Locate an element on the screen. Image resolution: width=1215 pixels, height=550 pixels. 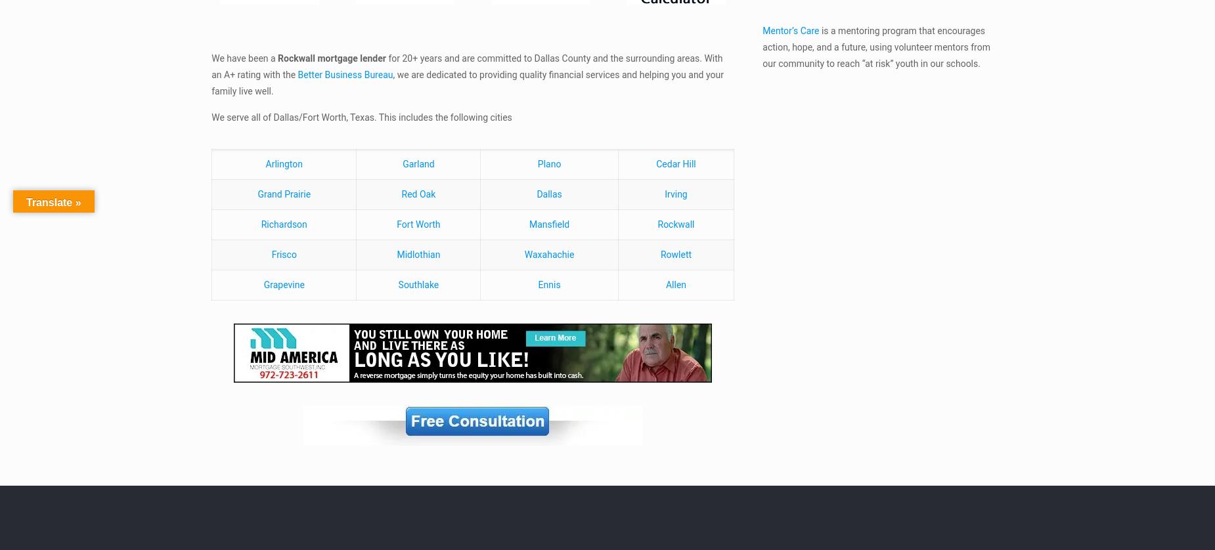
'Grapevine' is located at coordinates (282, 284).